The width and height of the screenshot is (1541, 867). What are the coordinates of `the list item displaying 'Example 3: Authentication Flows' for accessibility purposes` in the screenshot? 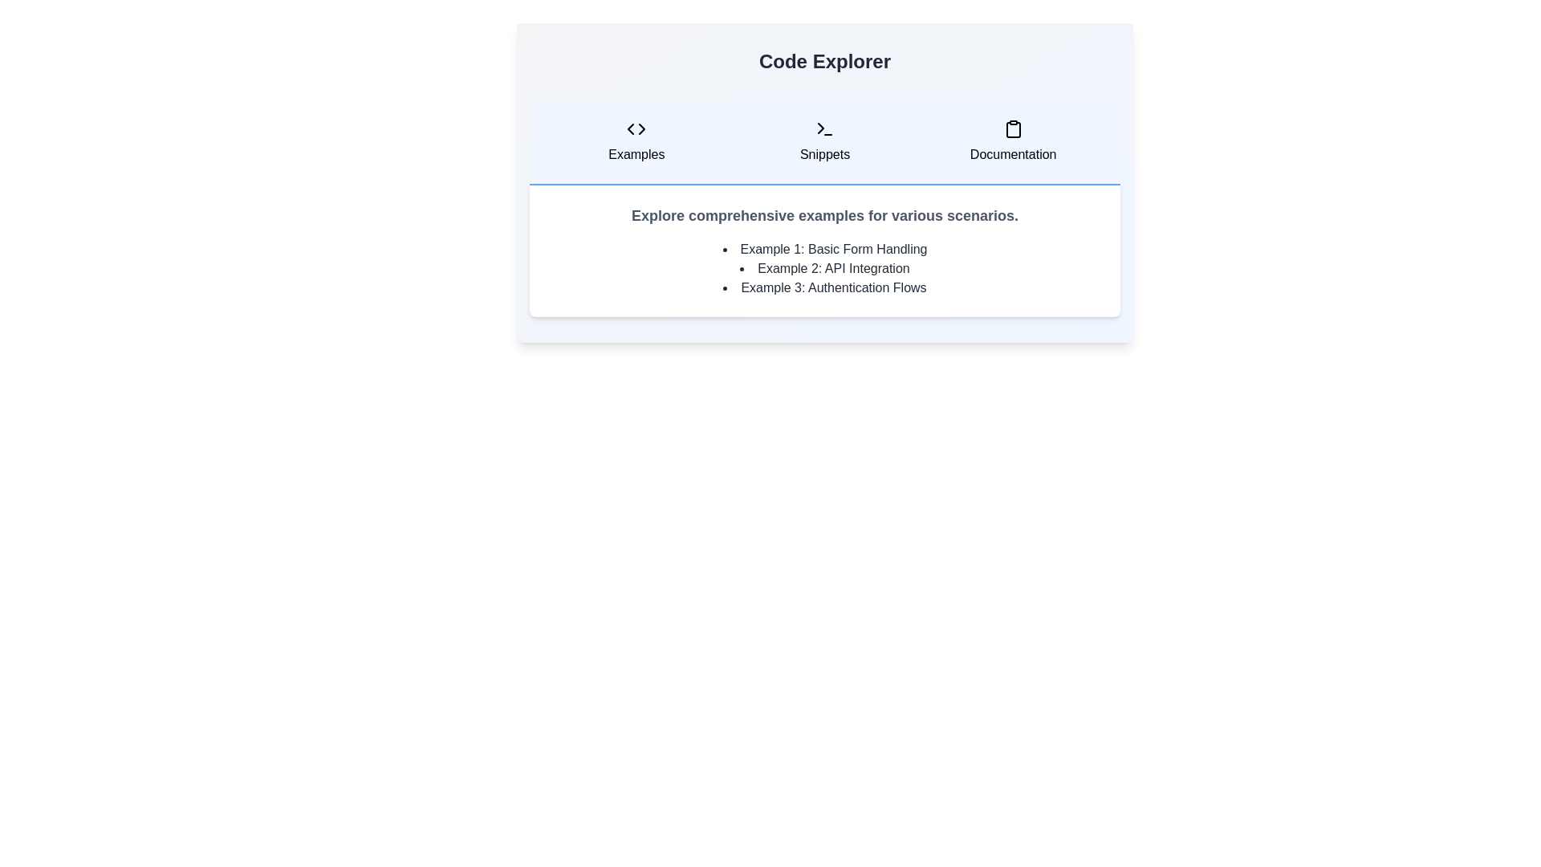 It's located at (824, 287).